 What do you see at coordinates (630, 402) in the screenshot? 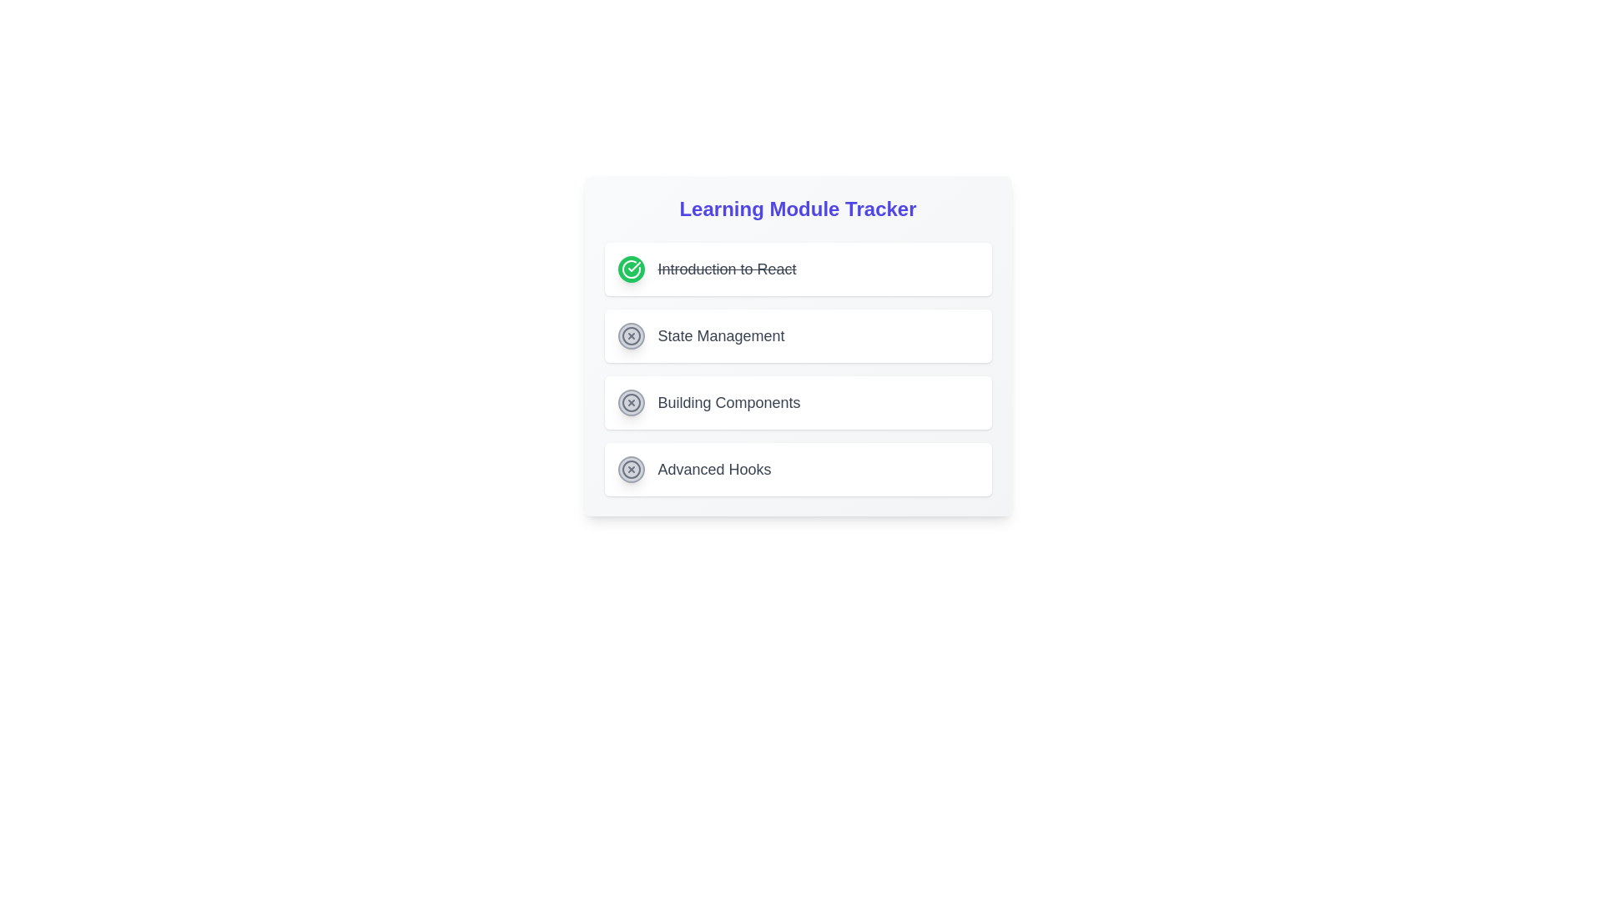
I see `the interactive circular button located to the left of the text 'Building Components'` at bounding box center [630, 402].